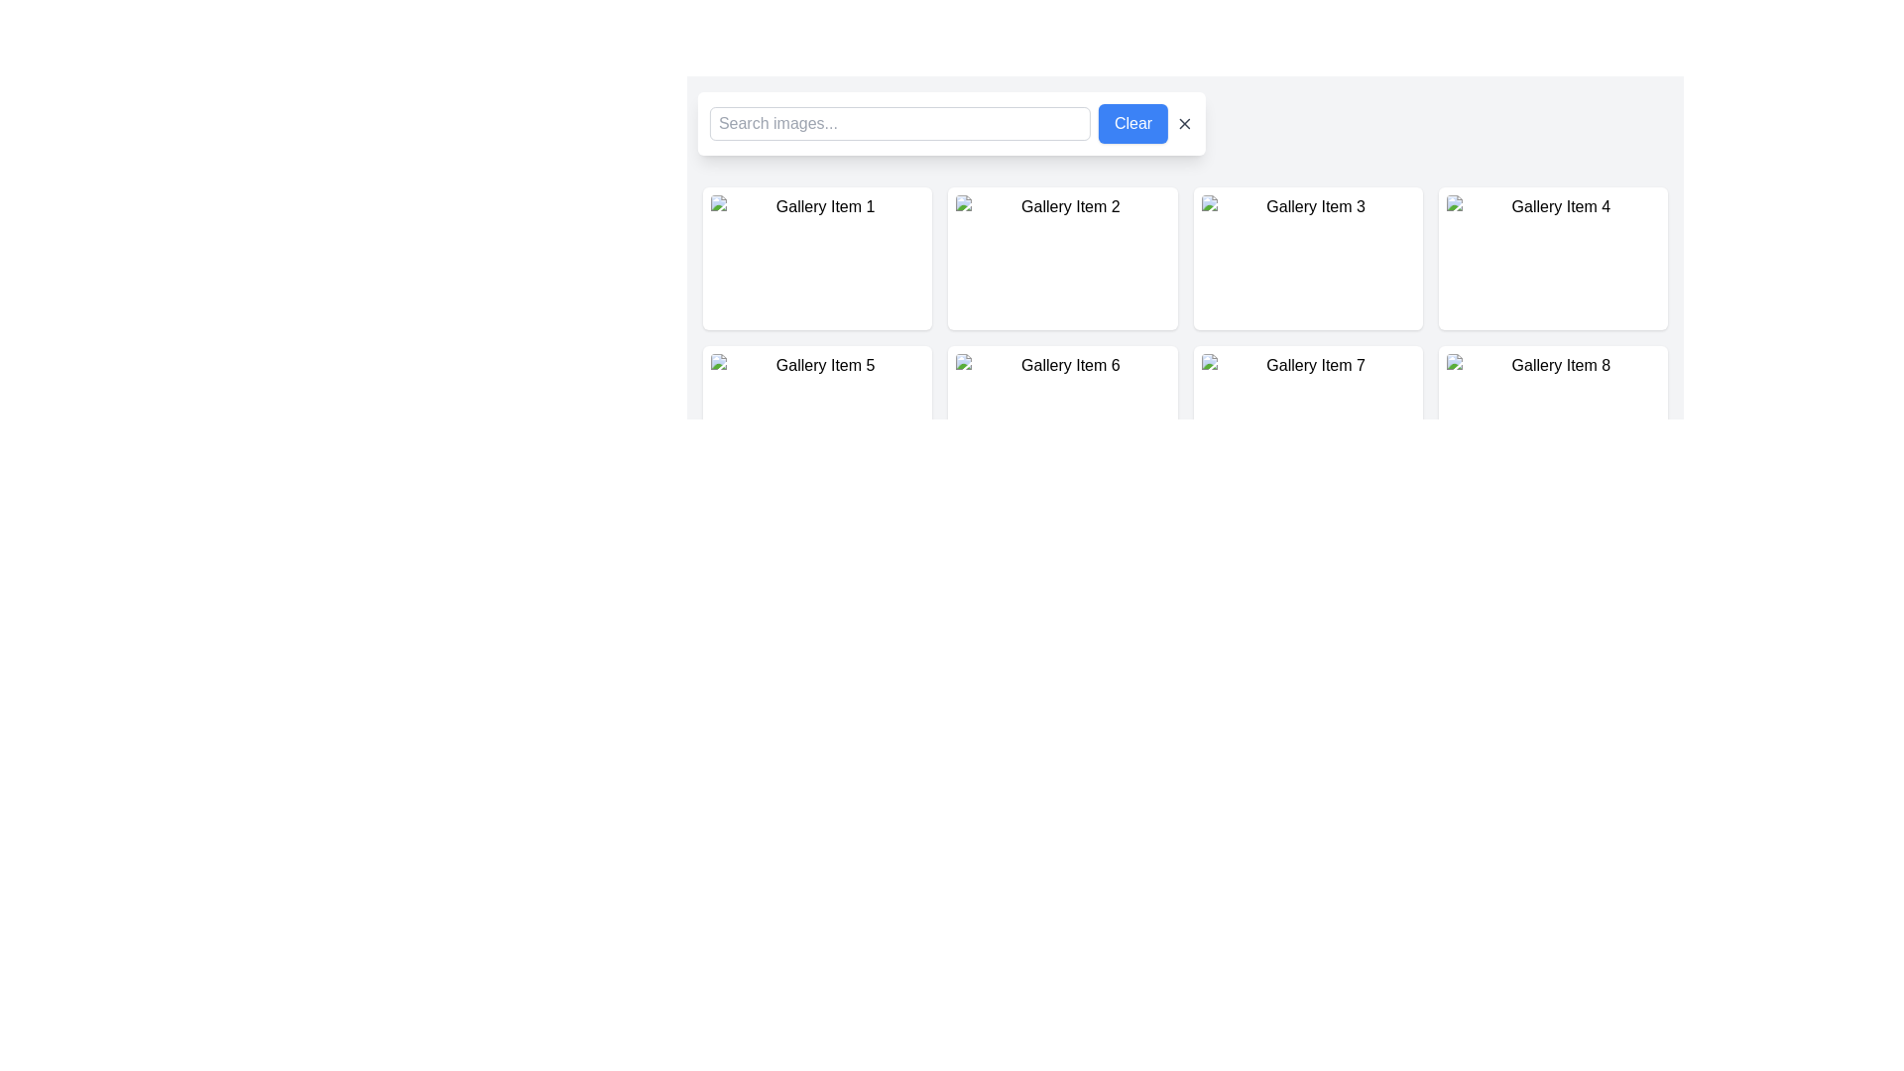  I want to click on the Image card labeled 'Gallery Item 5' which is positioned in the second row and first column of the grid layout, so click(817, 416).